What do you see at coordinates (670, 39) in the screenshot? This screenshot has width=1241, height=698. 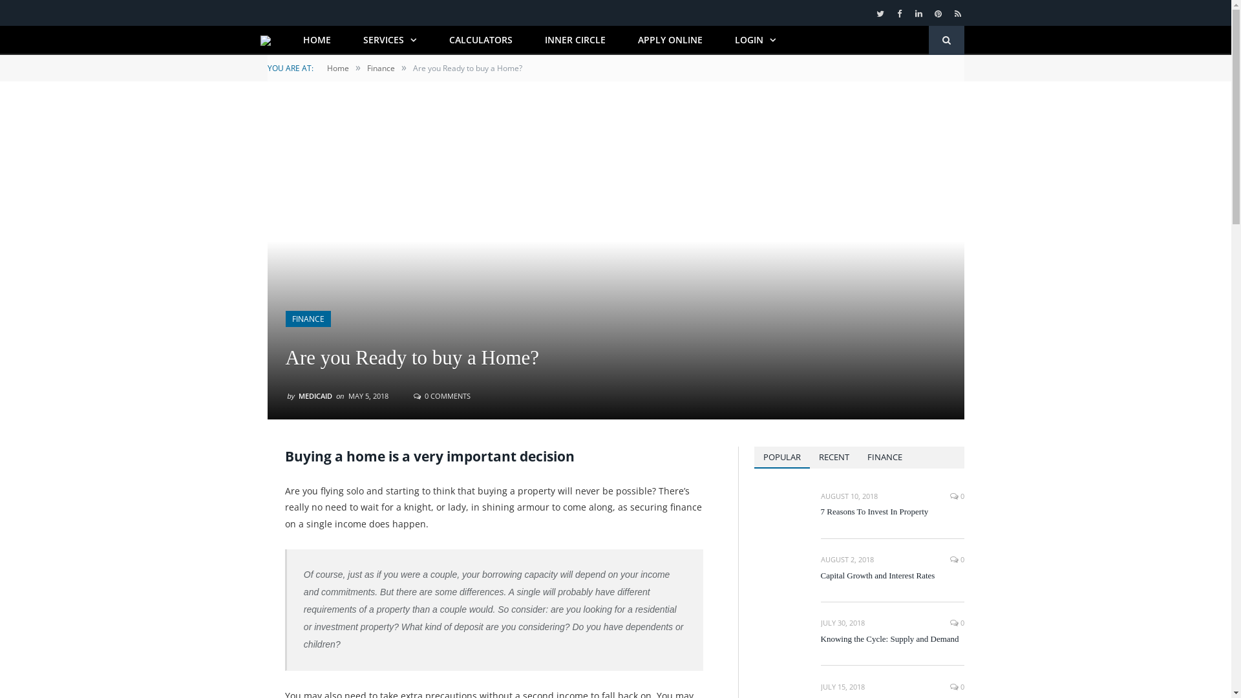 I see `'APPLY ONLINE'` at bounding box center [670, 39].